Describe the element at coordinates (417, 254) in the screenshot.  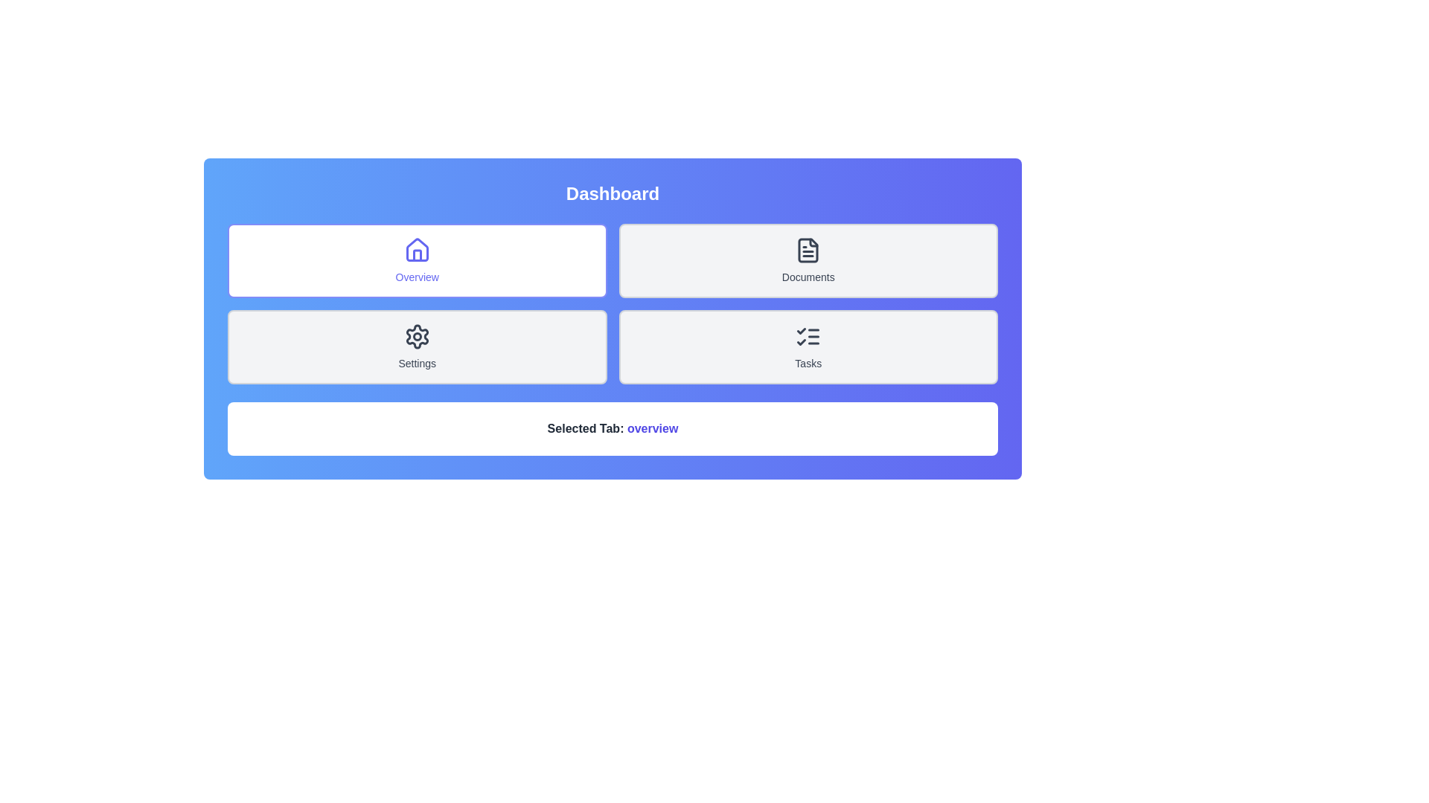
I see `the visual details of the house icon located at the center of the top-left corner of the interface, which is associated with the 'Overview' section` at that location.